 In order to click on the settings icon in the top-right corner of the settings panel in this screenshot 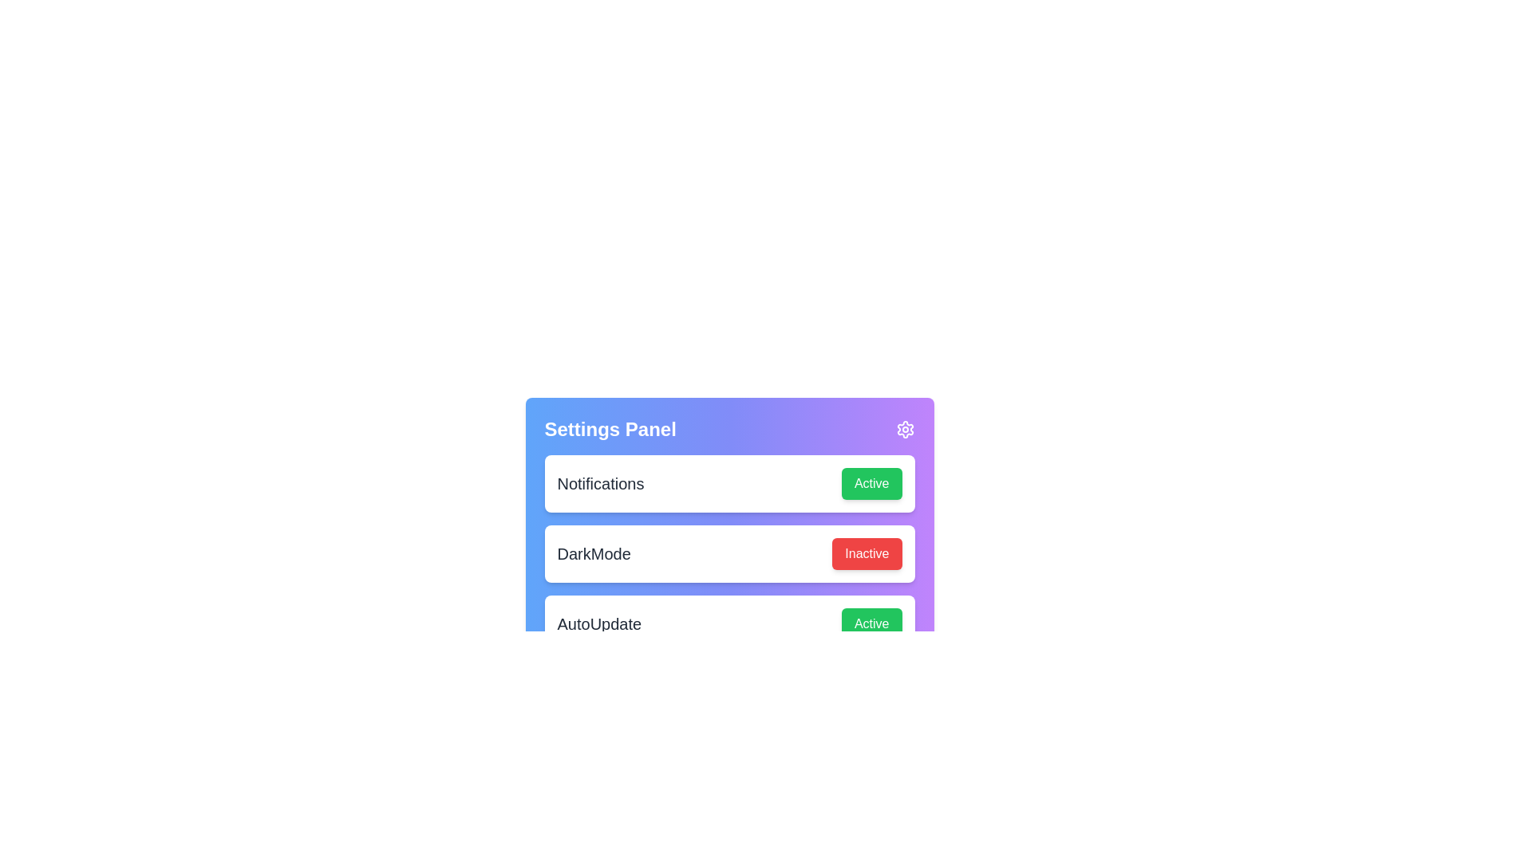, I will do `click(905, 429)`.